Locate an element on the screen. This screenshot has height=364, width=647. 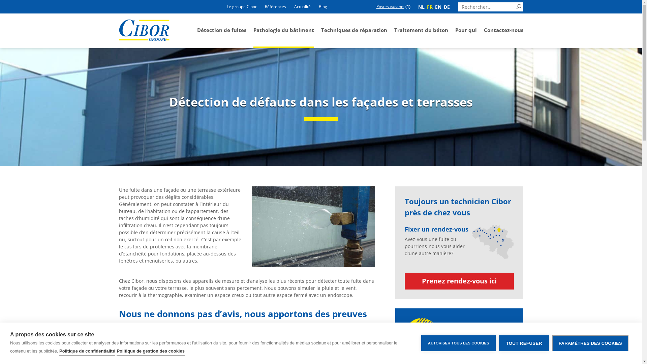
'AUTORISER TOUS LES COOKIES' is located at coordinates (458, 343).